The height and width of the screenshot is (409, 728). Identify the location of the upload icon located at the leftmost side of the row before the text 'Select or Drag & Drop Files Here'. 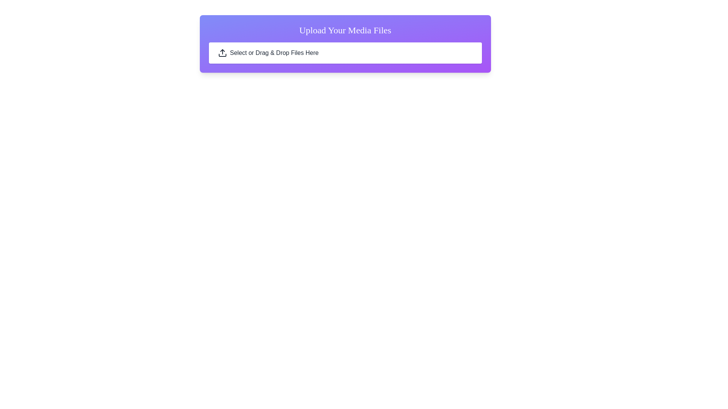
(222, 52).